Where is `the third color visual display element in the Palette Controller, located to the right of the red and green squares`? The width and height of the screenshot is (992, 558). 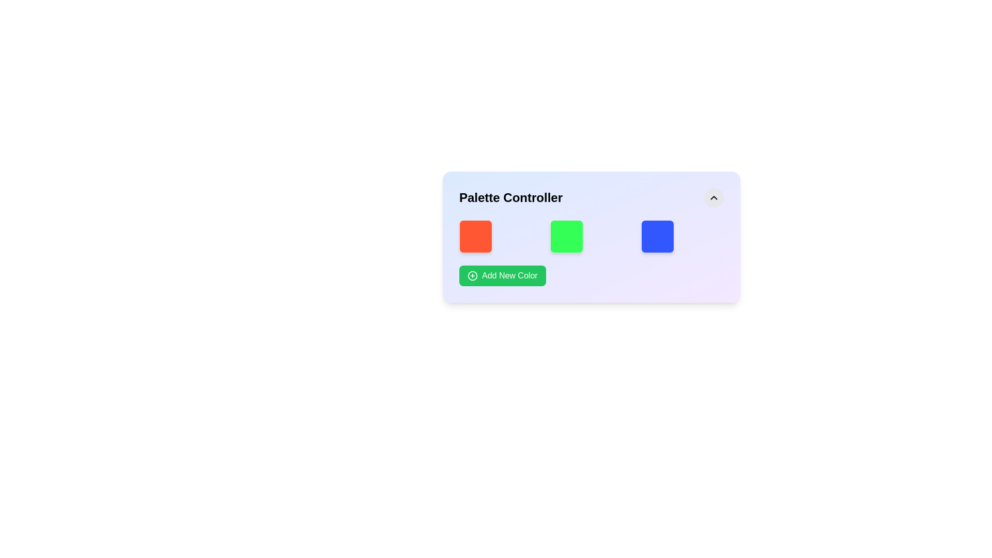
the third color visual display element in the Palette Controller, located to the right of the red and green squares is located at coordinates (657, 237).